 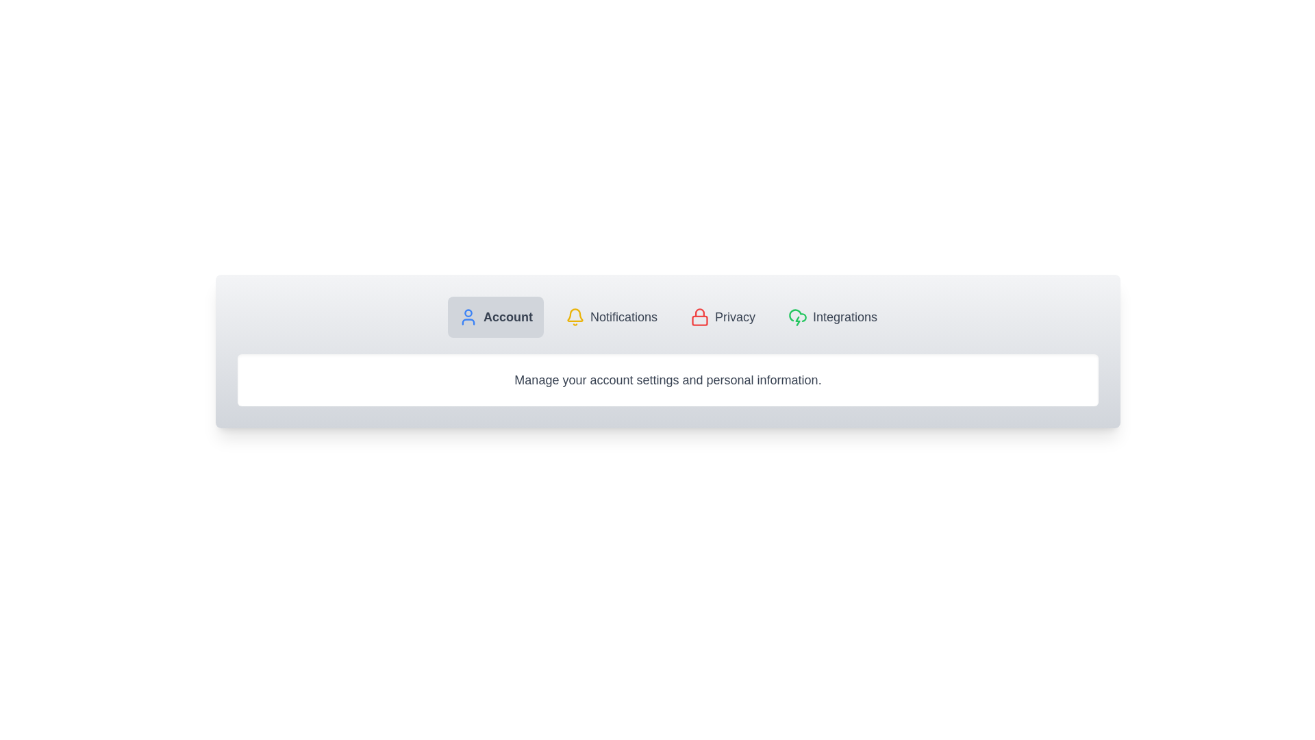 I want to click on the decorative cloud icon representing the 'Integrations' section, located on the rightmost side of the row, so click(x=798, y=315).